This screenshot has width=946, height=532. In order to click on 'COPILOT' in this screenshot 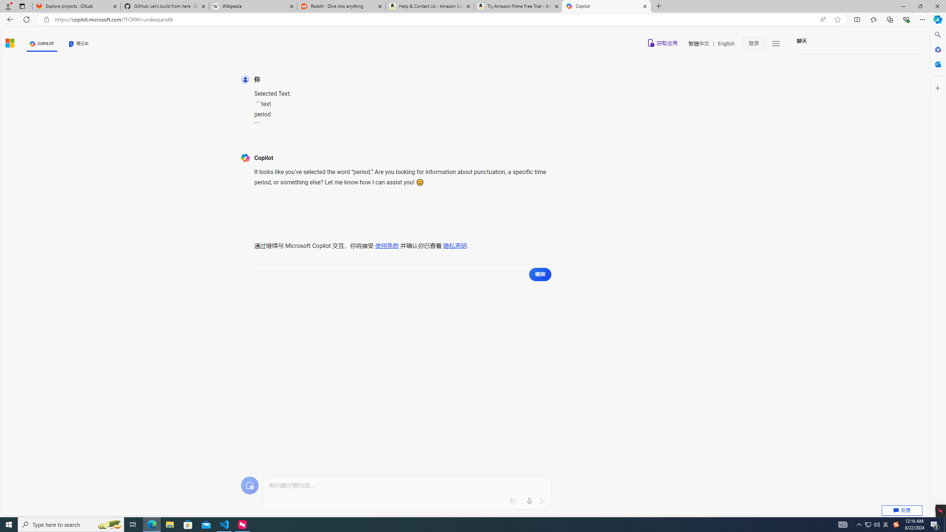, I will do `click(42, 44)`.